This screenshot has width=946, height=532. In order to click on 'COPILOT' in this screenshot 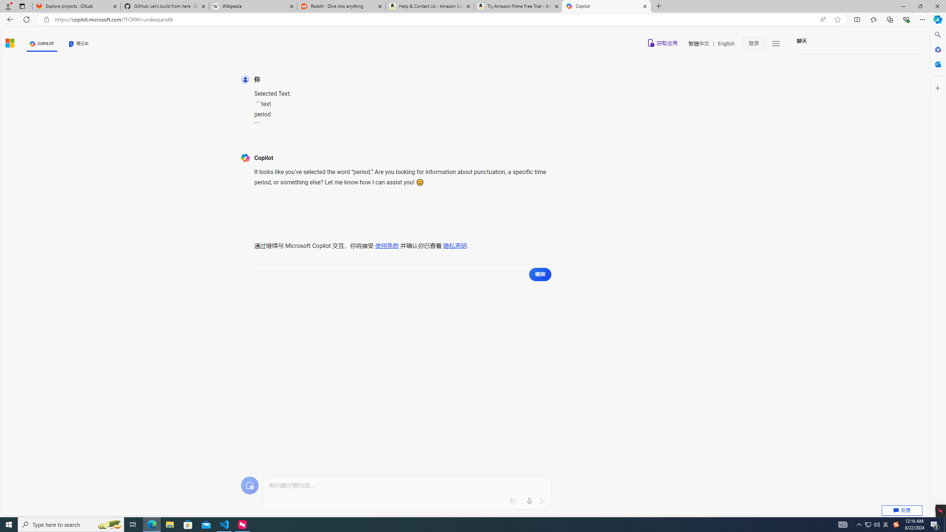, I will do `click(42, 44)`.